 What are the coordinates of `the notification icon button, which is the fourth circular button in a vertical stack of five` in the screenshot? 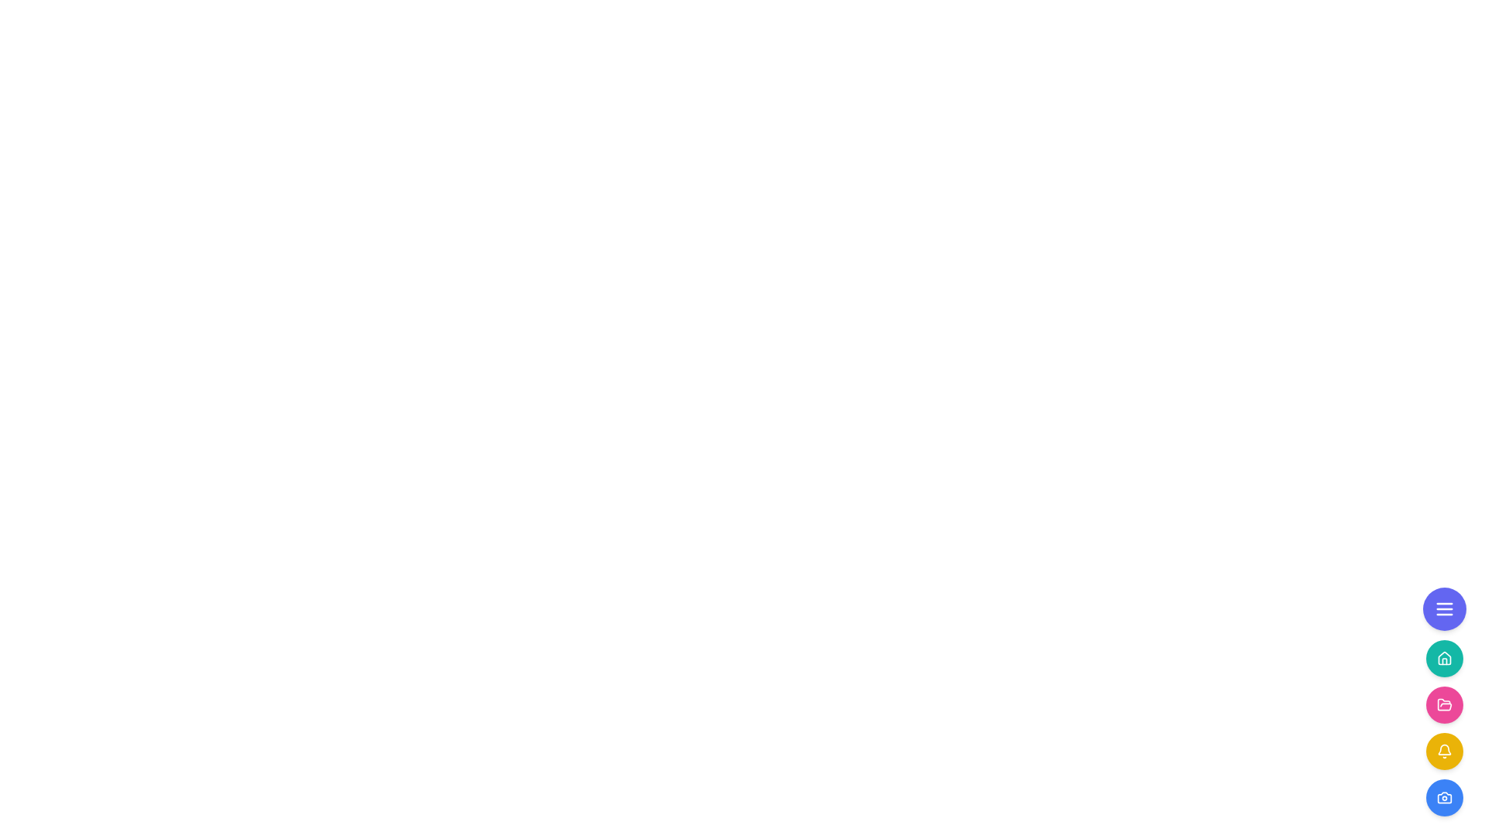 It's located at (1443, 751).